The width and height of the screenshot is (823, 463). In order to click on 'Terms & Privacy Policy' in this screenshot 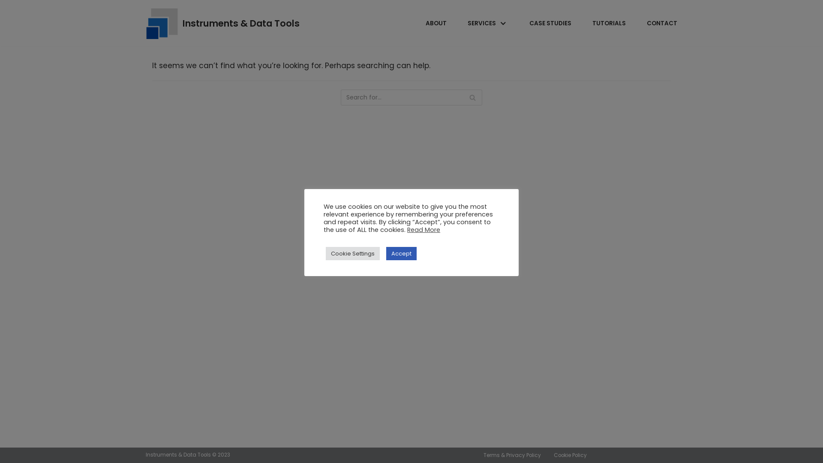, I will do `click(512, 454)`.